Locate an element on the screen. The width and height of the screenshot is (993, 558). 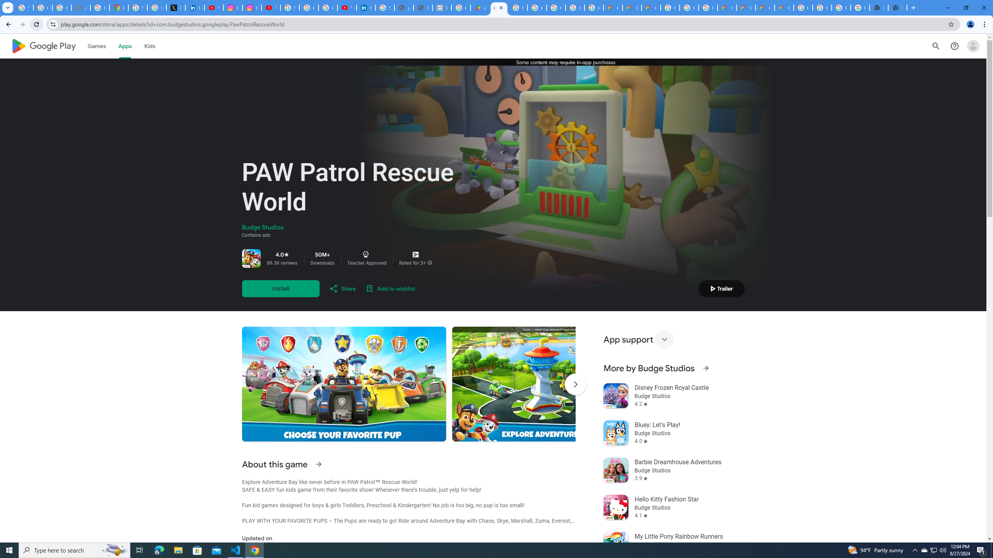
'Customer Care | Google Cloud' is located at coordinates (612, 7).